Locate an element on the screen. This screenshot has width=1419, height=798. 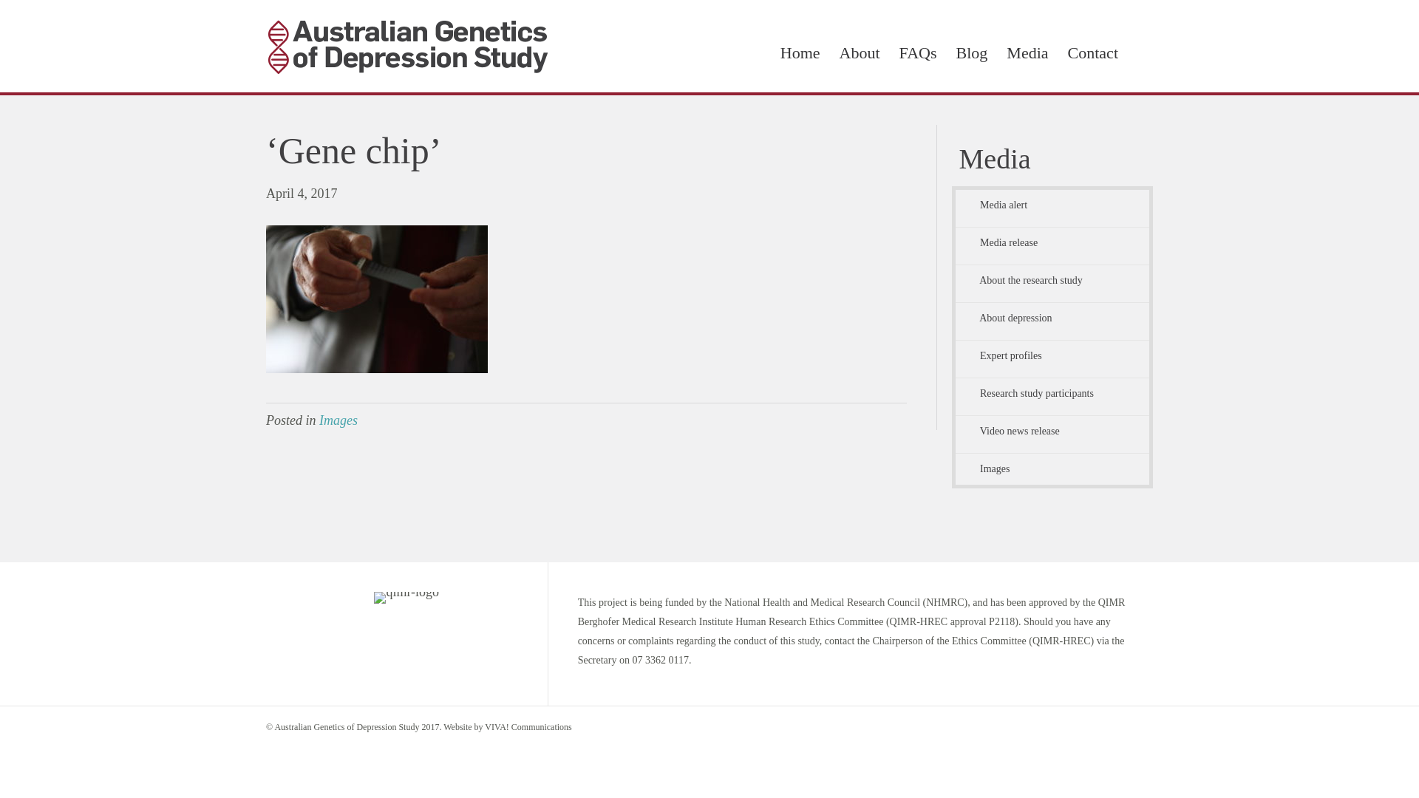
'Home' is located at coordinates (800, 52).